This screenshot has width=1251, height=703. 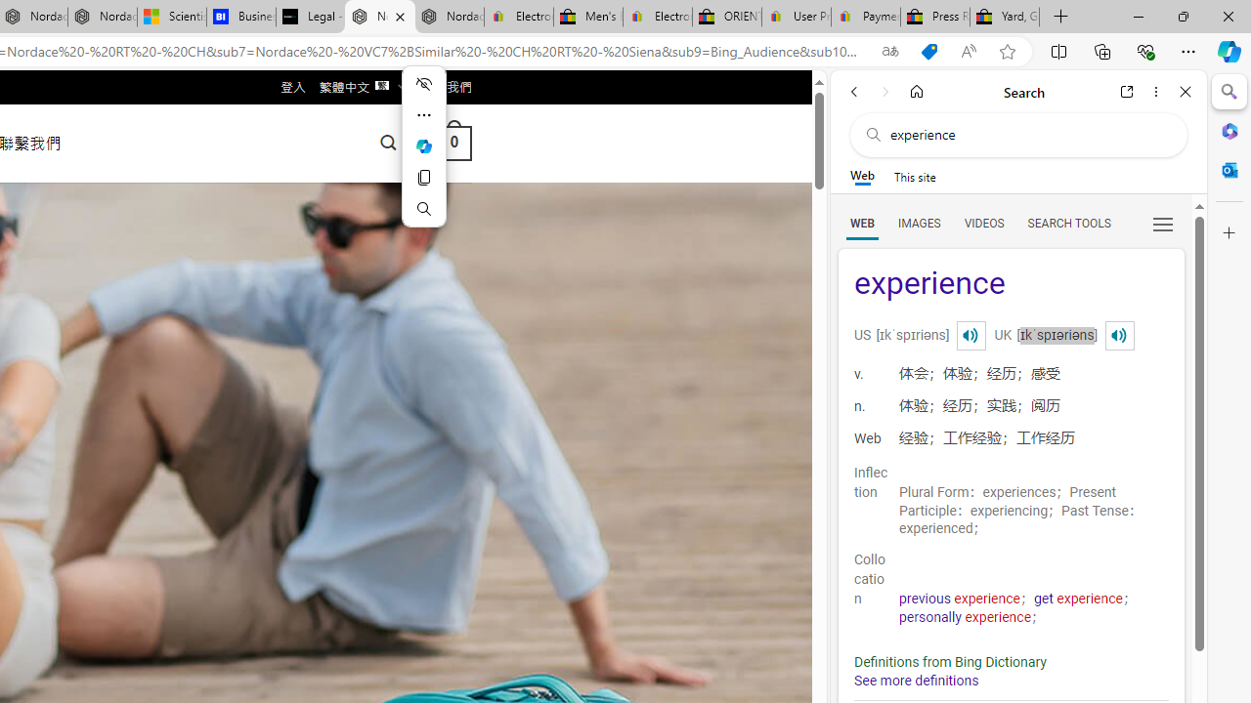 I want to click on 'Mini menu on text selection', so click(x=422, y=145).